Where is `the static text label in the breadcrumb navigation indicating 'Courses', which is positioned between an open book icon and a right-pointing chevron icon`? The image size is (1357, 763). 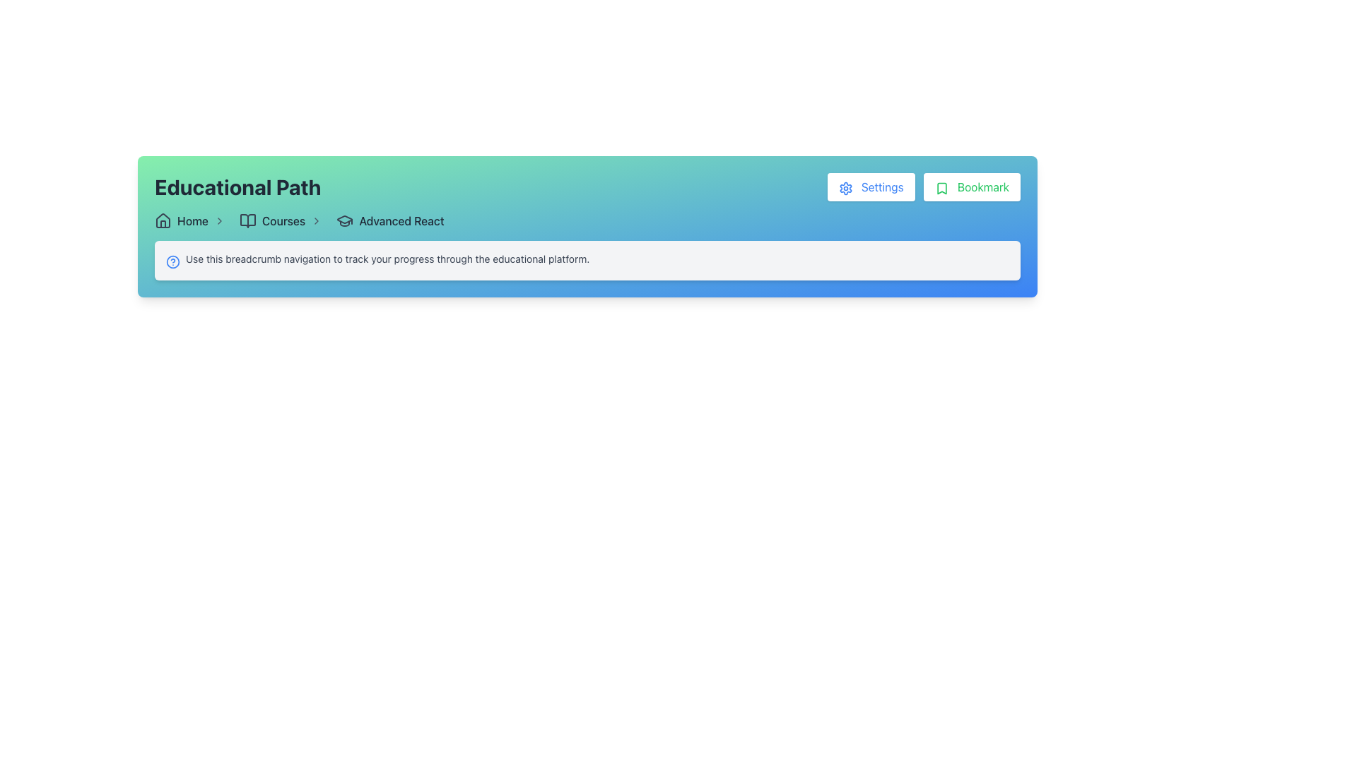
the static text label in the breadcrumb navigation indicating 'Courses', which is positioned between an open book icon and a right-pointing chevron icon is located at coordinates (283, 220).